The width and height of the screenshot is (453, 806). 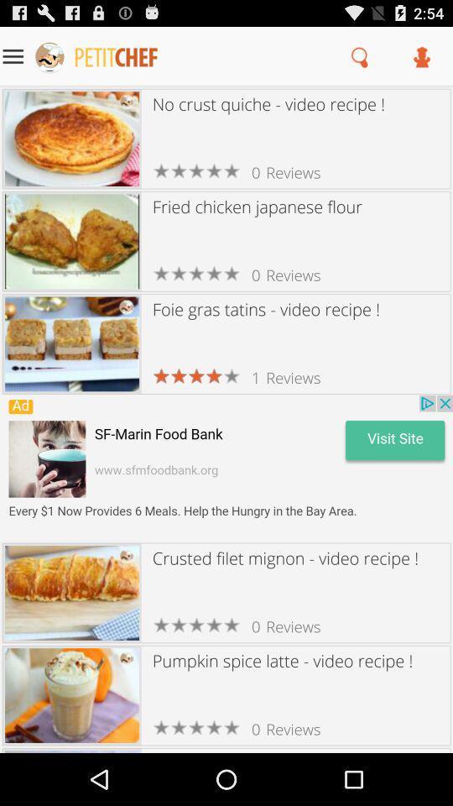 I want to click on advertisement, so click(x=226, y=468).